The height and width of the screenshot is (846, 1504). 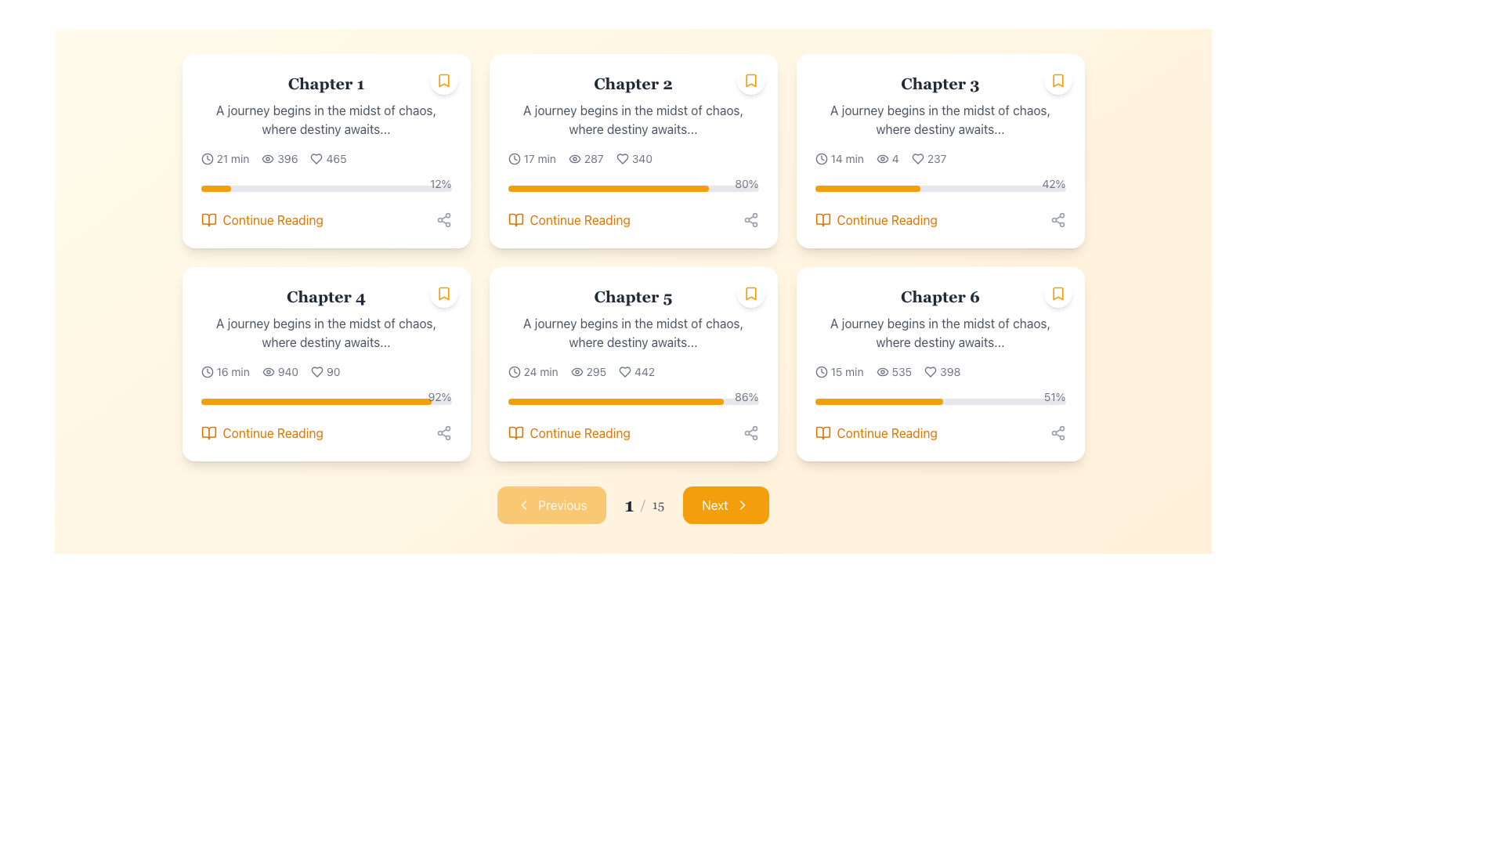 What do you see at coordinates (224, 371) in the screenshot?
I see `the text-icon combination UI component displaying the estimated time duration for 'Chapter 4', located in the bottom-left section of the second row` at bounding box center [224, 371].